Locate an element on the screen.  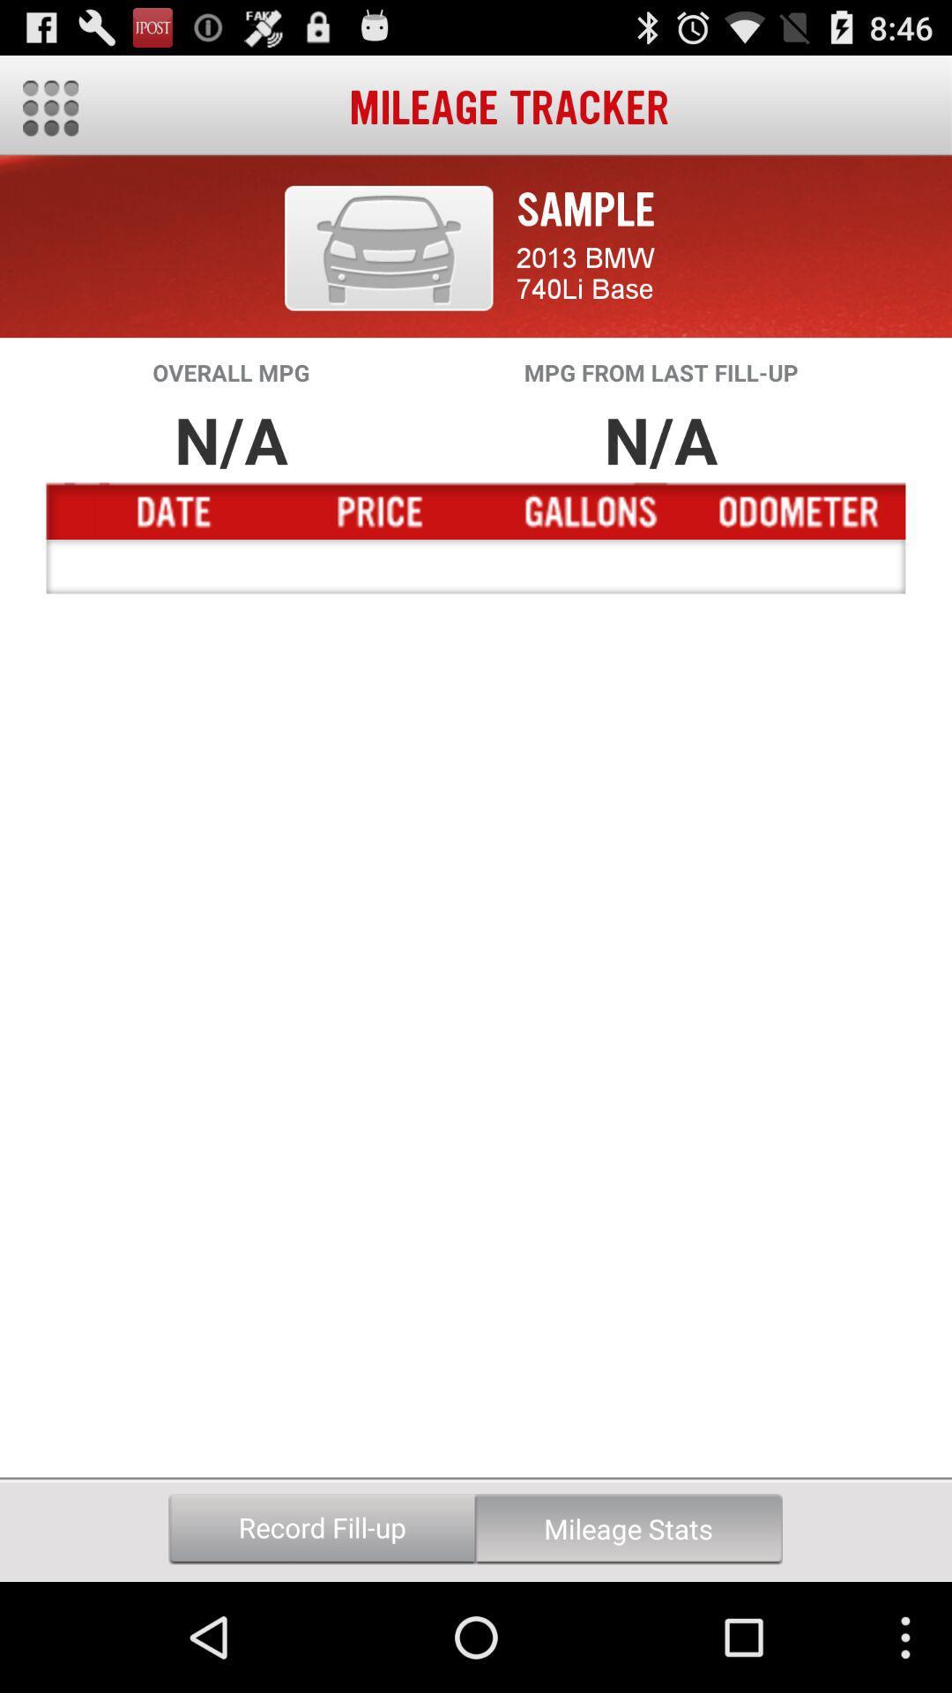
the item below the mileage tracker icon is located at coordinates (388, 247).